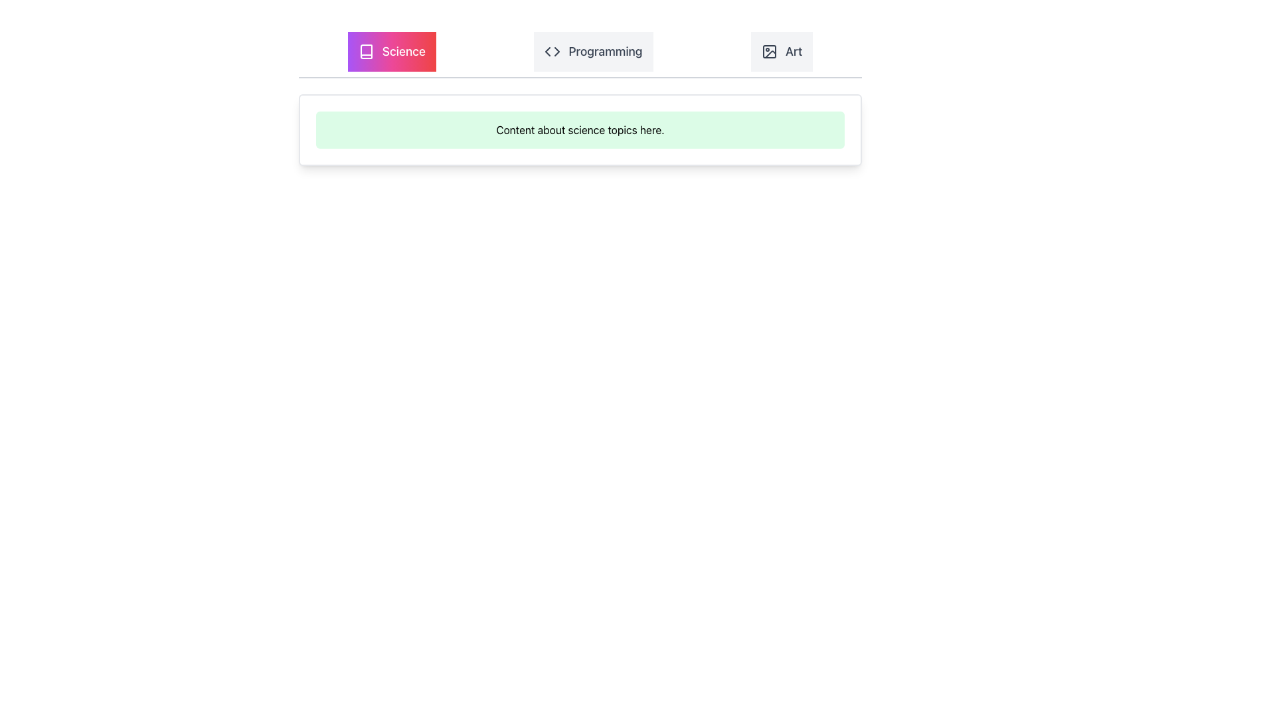 The height and width of the screenshot is (717, 1275). I want to click on the 'Science' tab, which is the first tab on the left with a gradient background from purple to red, so click(391, 50).